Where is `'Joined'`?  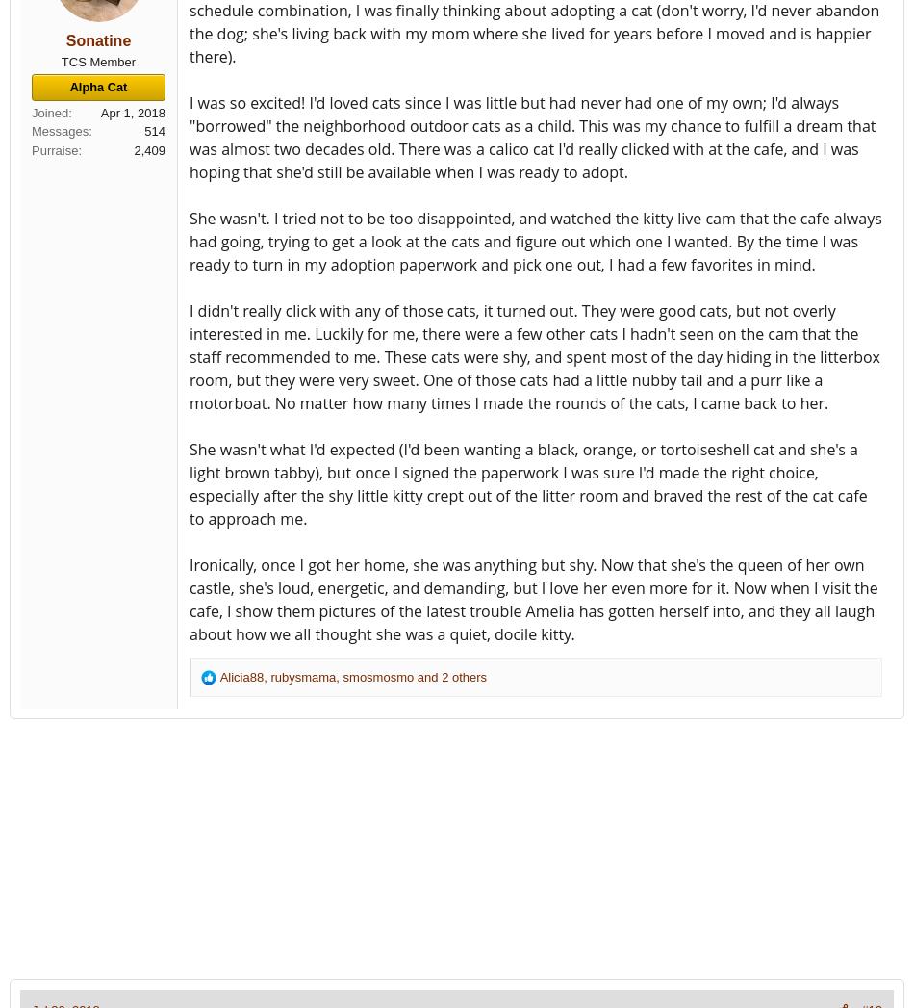
'Joined' is located at coordinates (49, 111).